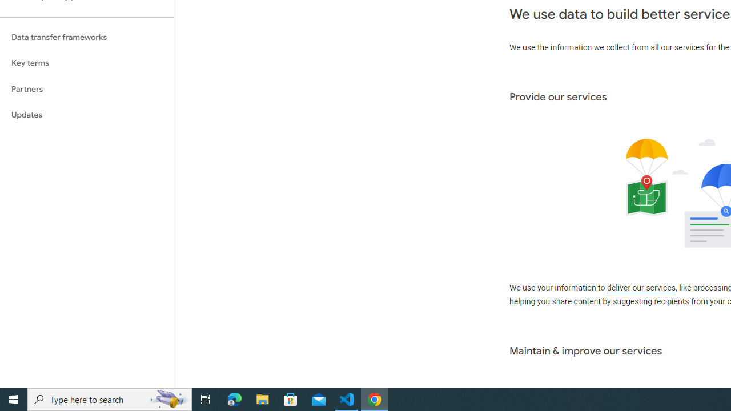 The image size is (731, 411). What do you see at coordinates (641, 288) in the screenshot?
I see `'deliver our services'` at bounding box center [641, 288].